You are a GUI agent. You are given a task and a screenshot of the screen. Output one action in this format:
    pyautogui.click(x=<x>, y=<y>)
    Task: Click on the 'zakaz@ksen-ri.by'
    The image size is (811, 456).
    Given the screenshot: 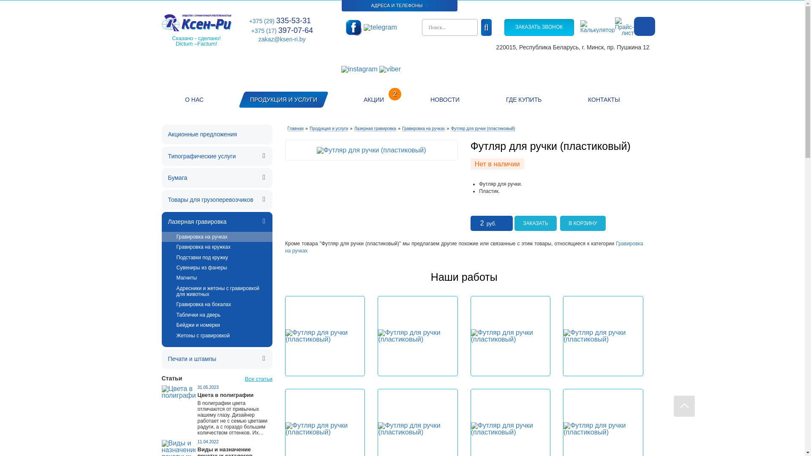 What is the action you would take?
    pyautogui.click(x=282, y=39)
    